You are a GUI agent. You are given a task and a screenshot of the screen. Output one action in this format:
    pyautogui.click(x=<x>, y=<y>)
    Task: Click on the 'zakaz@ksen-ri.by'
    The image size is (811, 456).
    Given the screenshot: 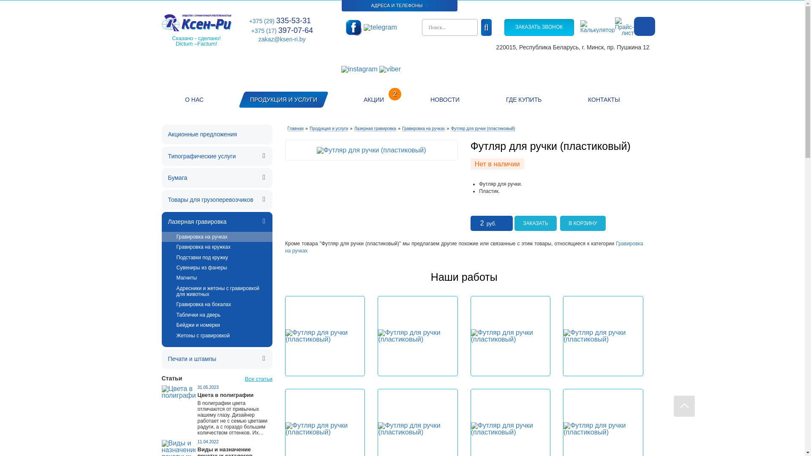 What is the action you would take?
    pyautogui.click(x=282, y=39)
    